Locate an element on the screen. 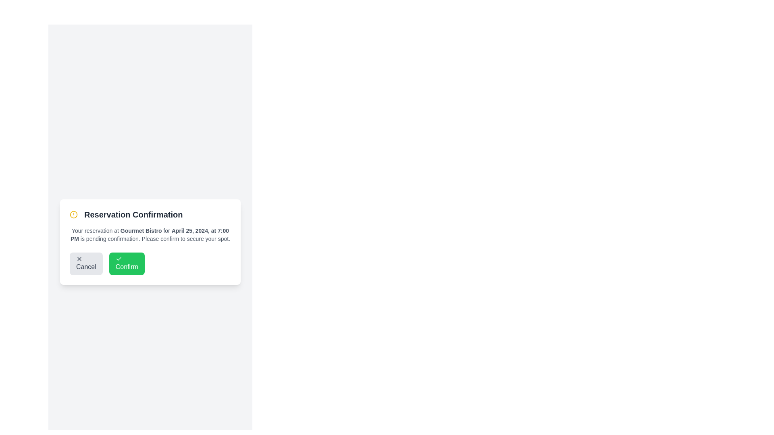 The height and width of the screenshot is (435, 774). text 'Reservation Confirmation' from the Header element, which is prominently displayed in bold, large, dark gray or black font with a yellow warning icon to its left is located at coordinates (150, 214).